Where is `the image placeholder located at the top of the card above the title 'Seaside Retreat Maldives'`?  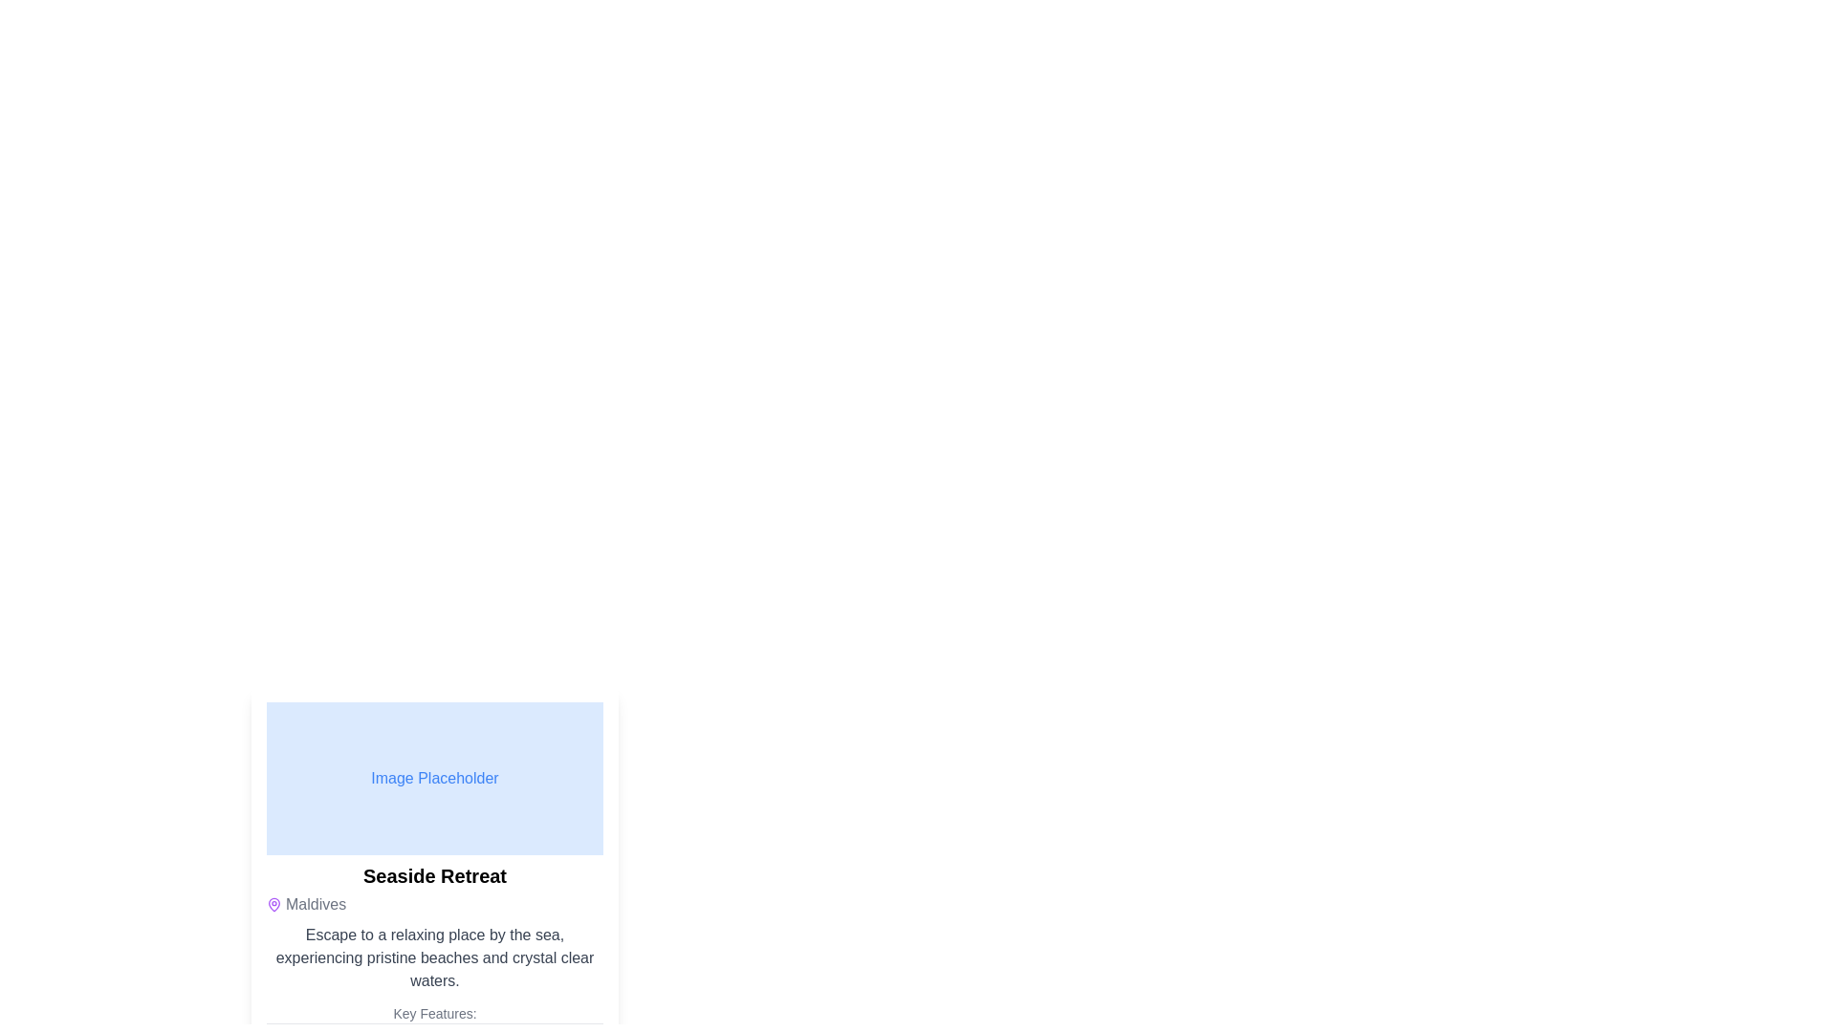 the image placeholder located at the top of the card above the title 'Seaside Retreat Maldives' is located at coordinates (434, 778).